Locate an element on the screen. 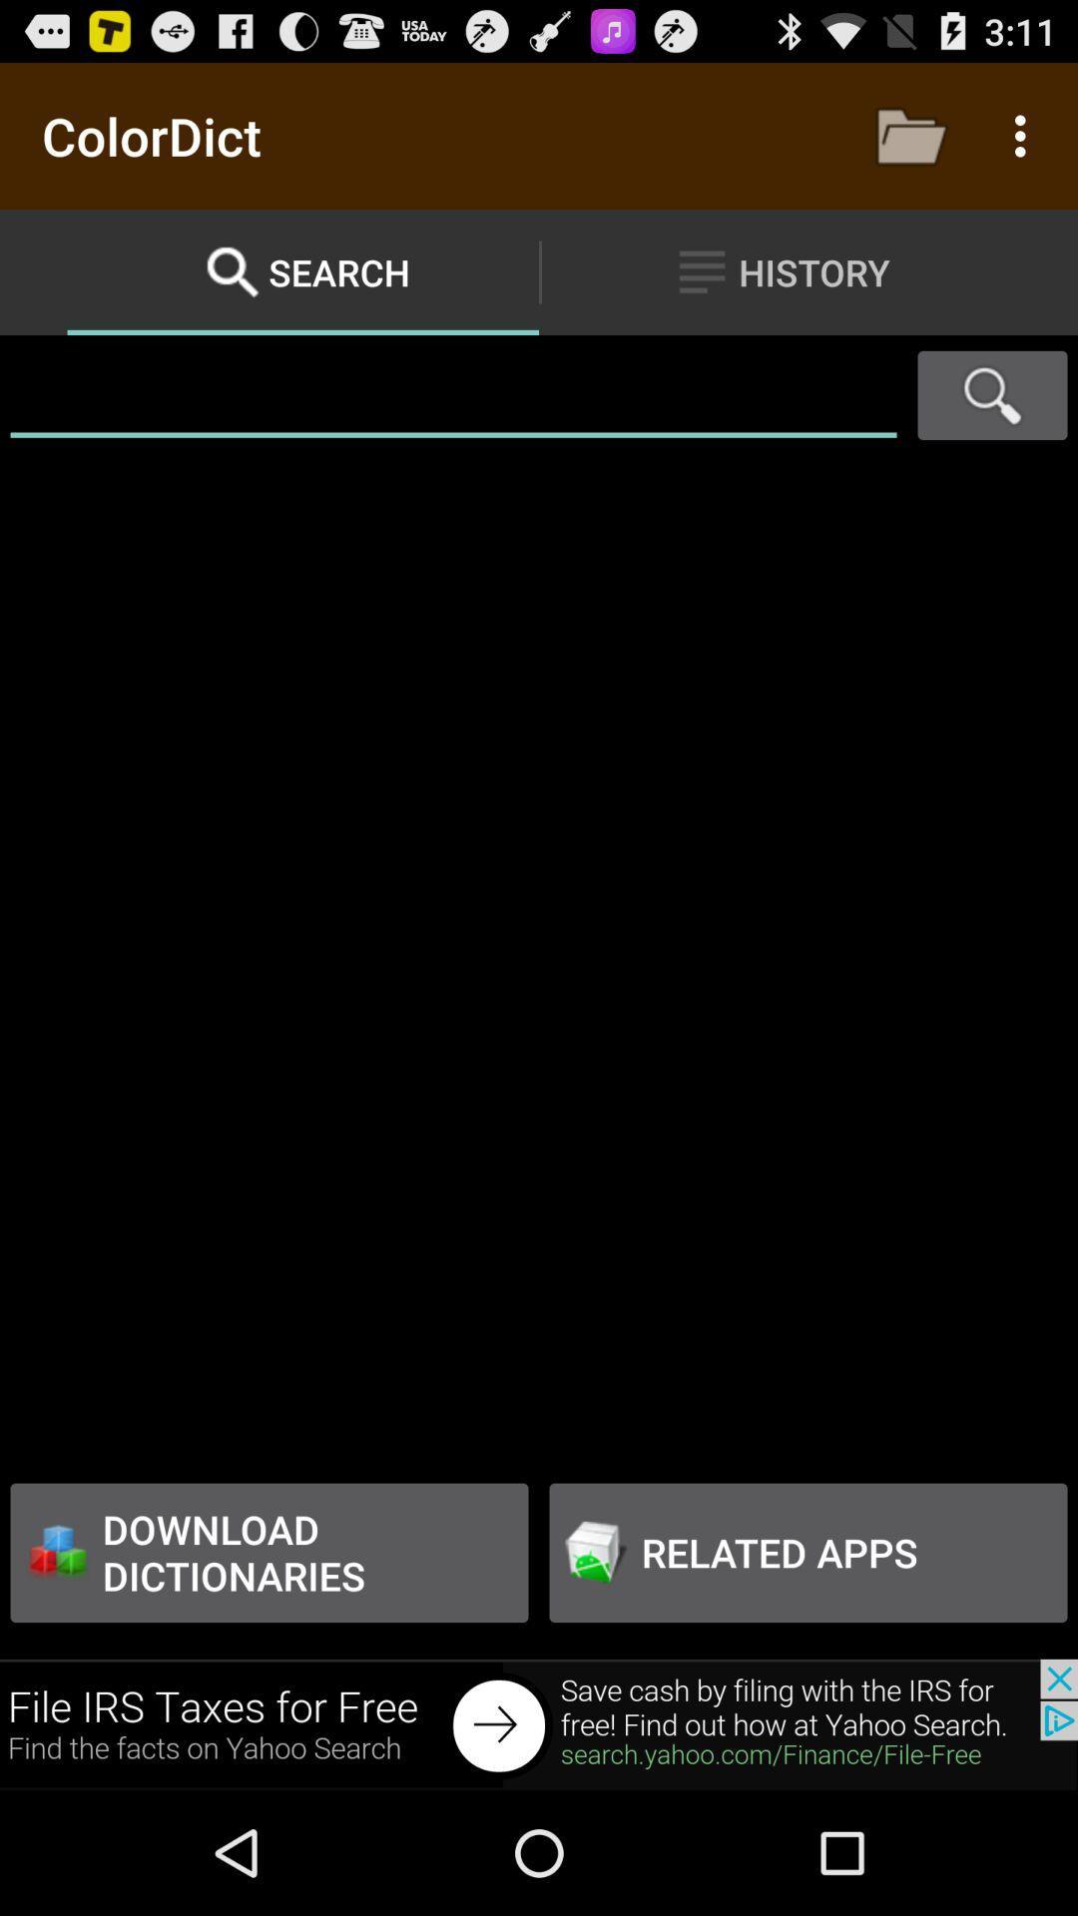 Image resolution: width=1078 pixels, height=1916 pixels. search is located at coordinates (992, 395).